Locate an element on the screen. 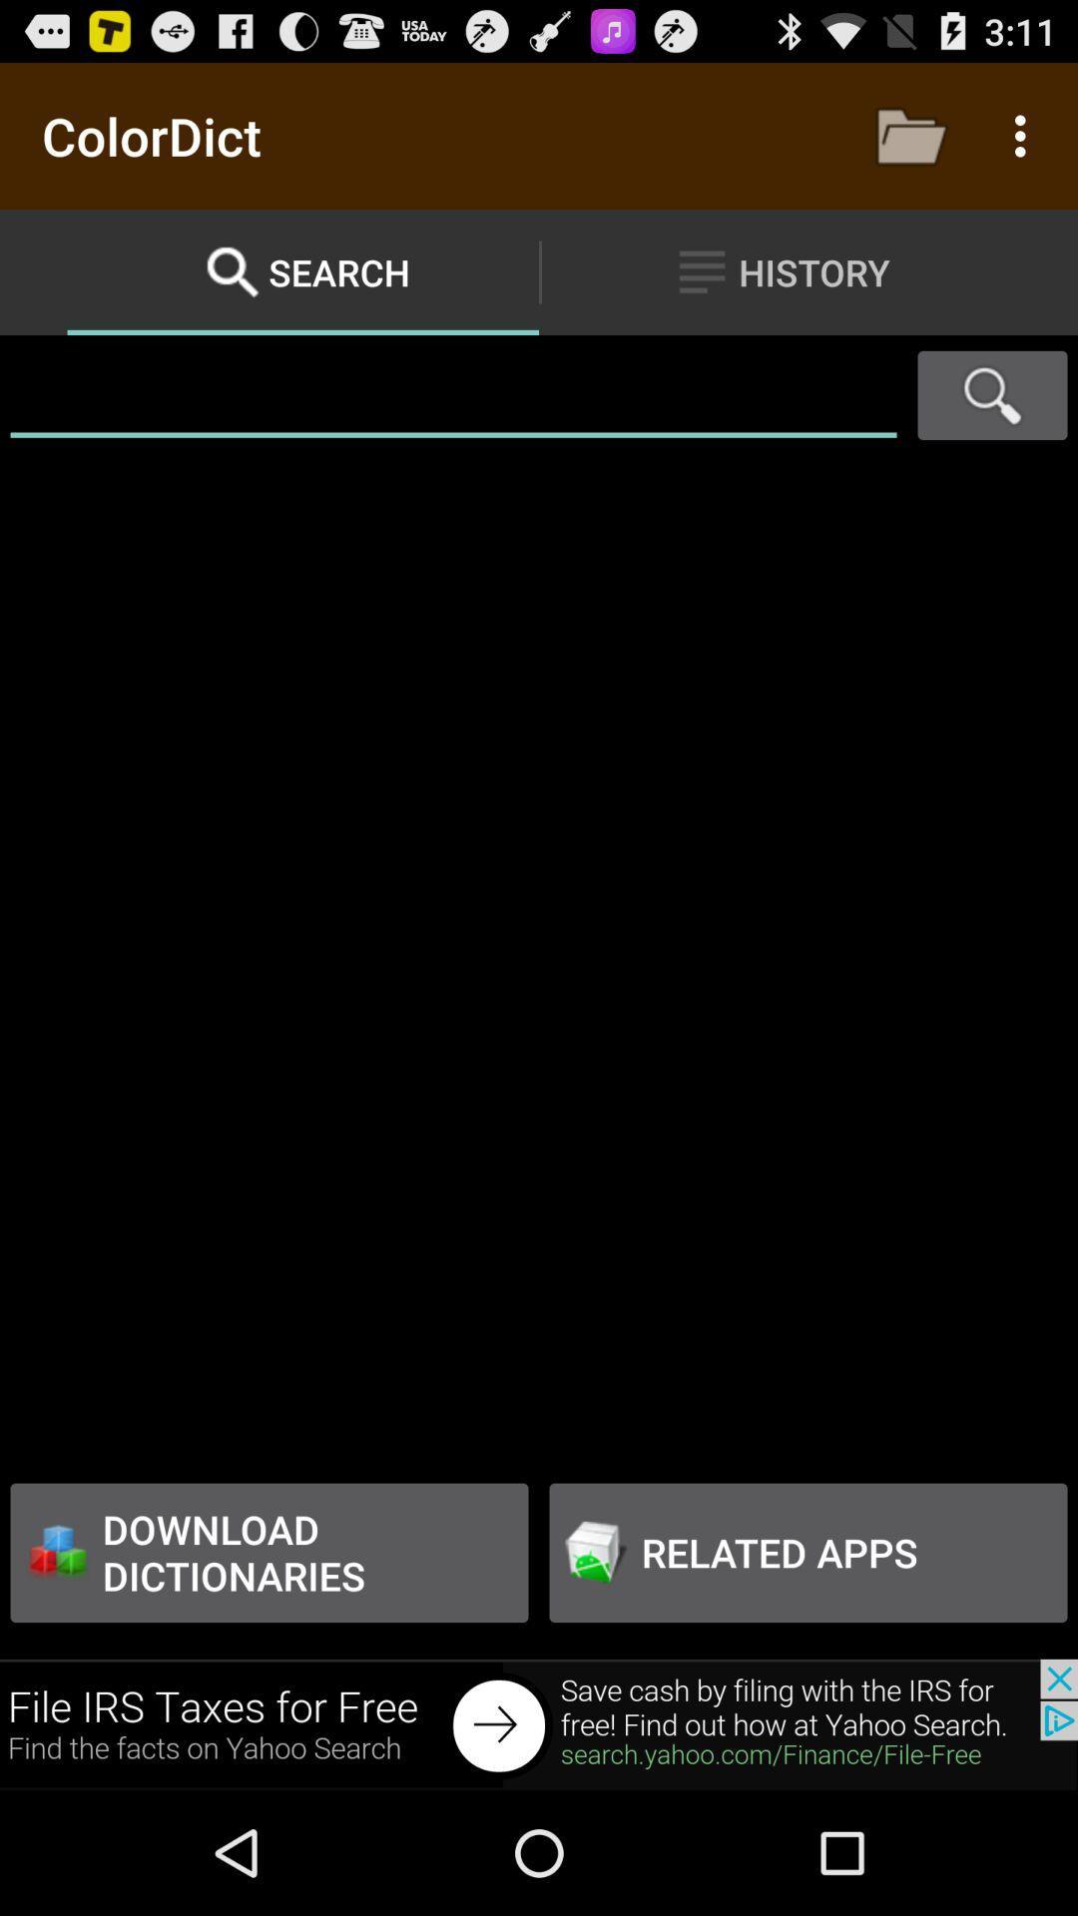 Image resolution: width=1078 pixels, height=1916 pixels. search is located at coordinates (992, 395).